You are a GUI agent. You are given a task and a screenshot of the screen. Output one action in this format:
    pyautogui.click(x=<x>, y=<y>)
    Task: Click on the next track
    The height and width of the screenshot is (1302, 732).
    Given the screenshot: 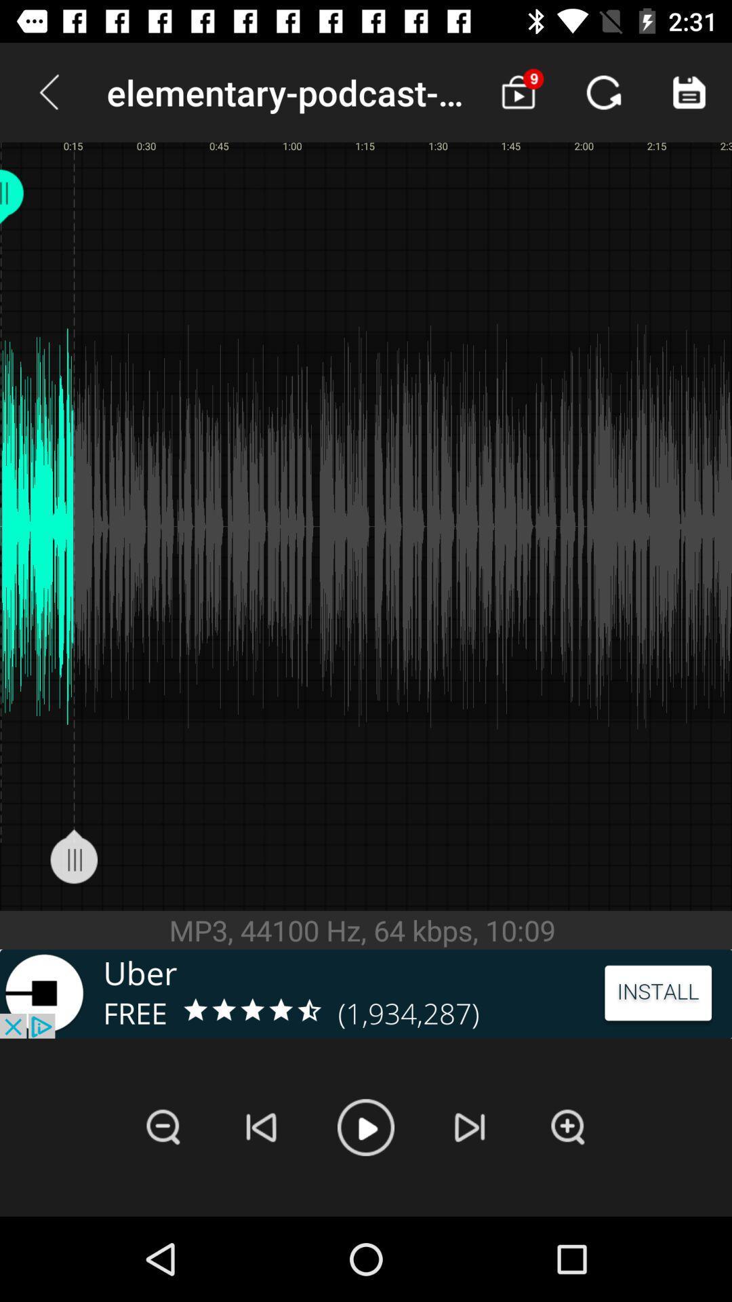 What is the action you would take?
    pyautogui.click(x=469, y=1127)
    